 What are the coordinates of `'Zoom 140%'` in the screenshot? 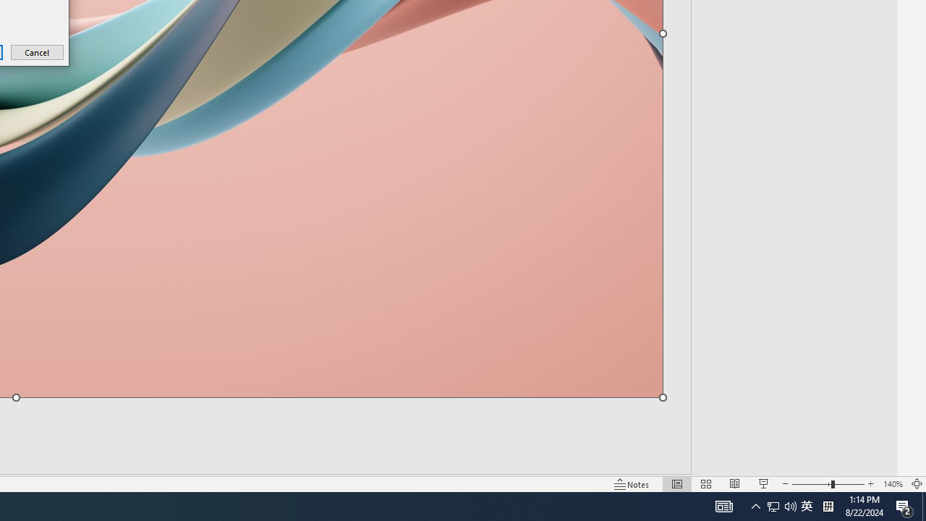 It's located at (892, 484).